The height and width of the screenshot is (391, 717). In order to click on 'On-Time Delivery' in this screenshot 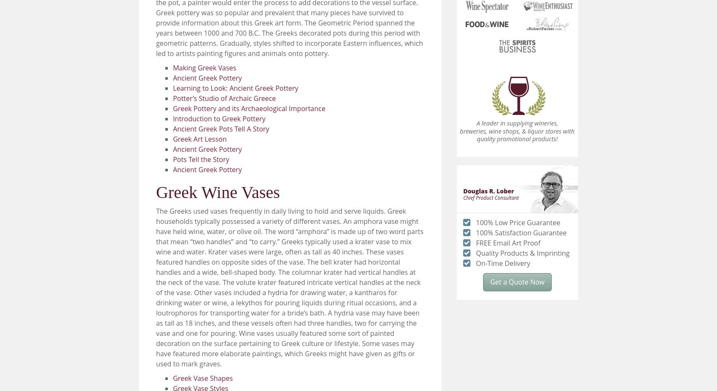, I will do `click(475, 263)`.